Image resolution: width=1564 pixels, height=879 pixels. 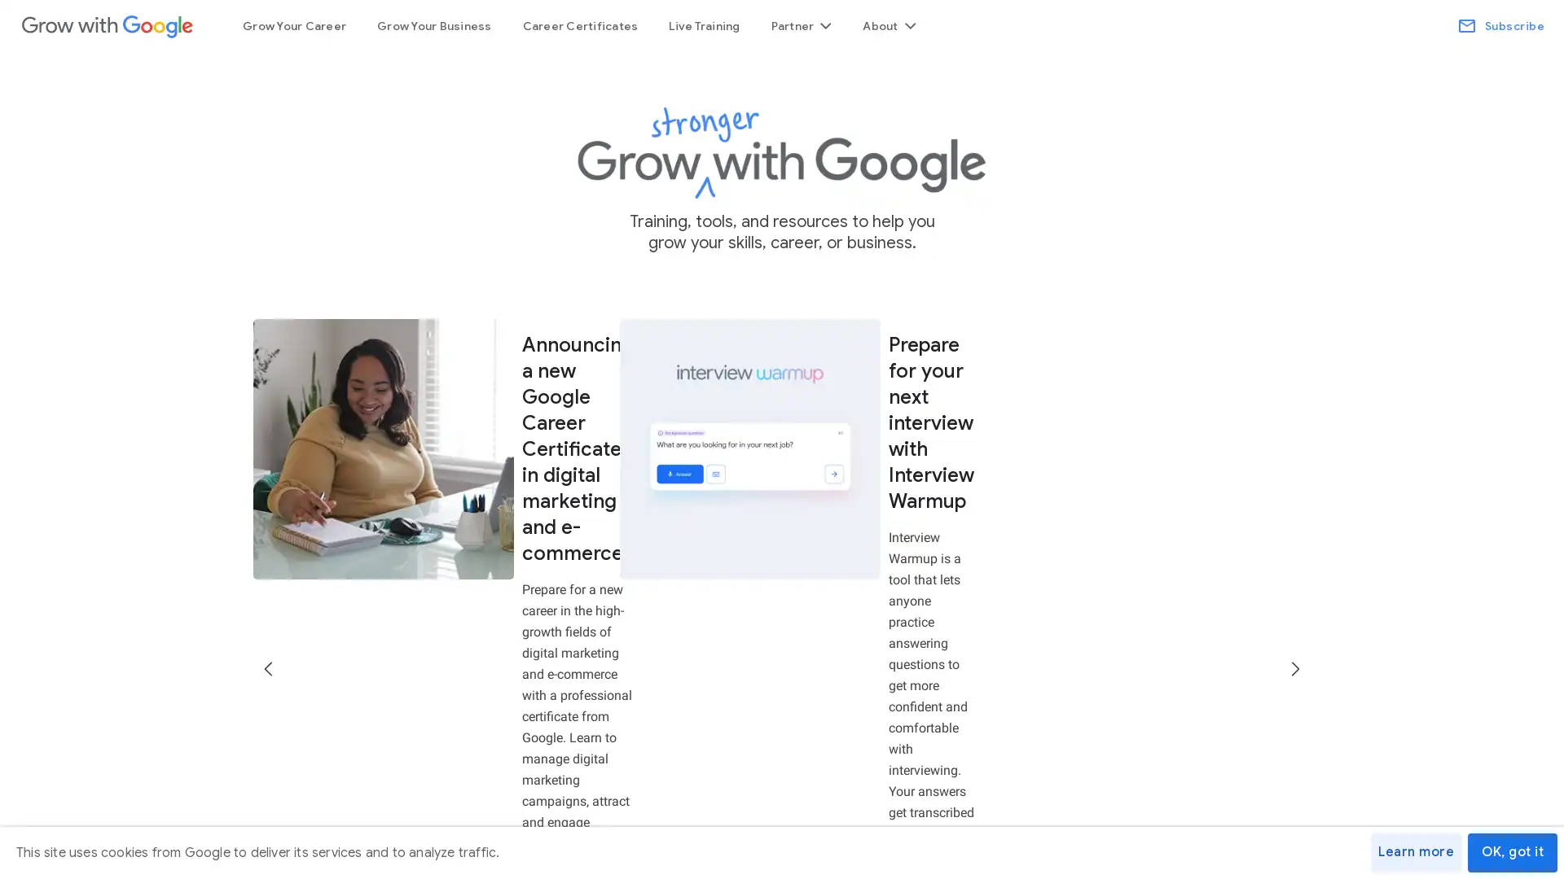 I want to click on Previous, so click(x=270, y=488).